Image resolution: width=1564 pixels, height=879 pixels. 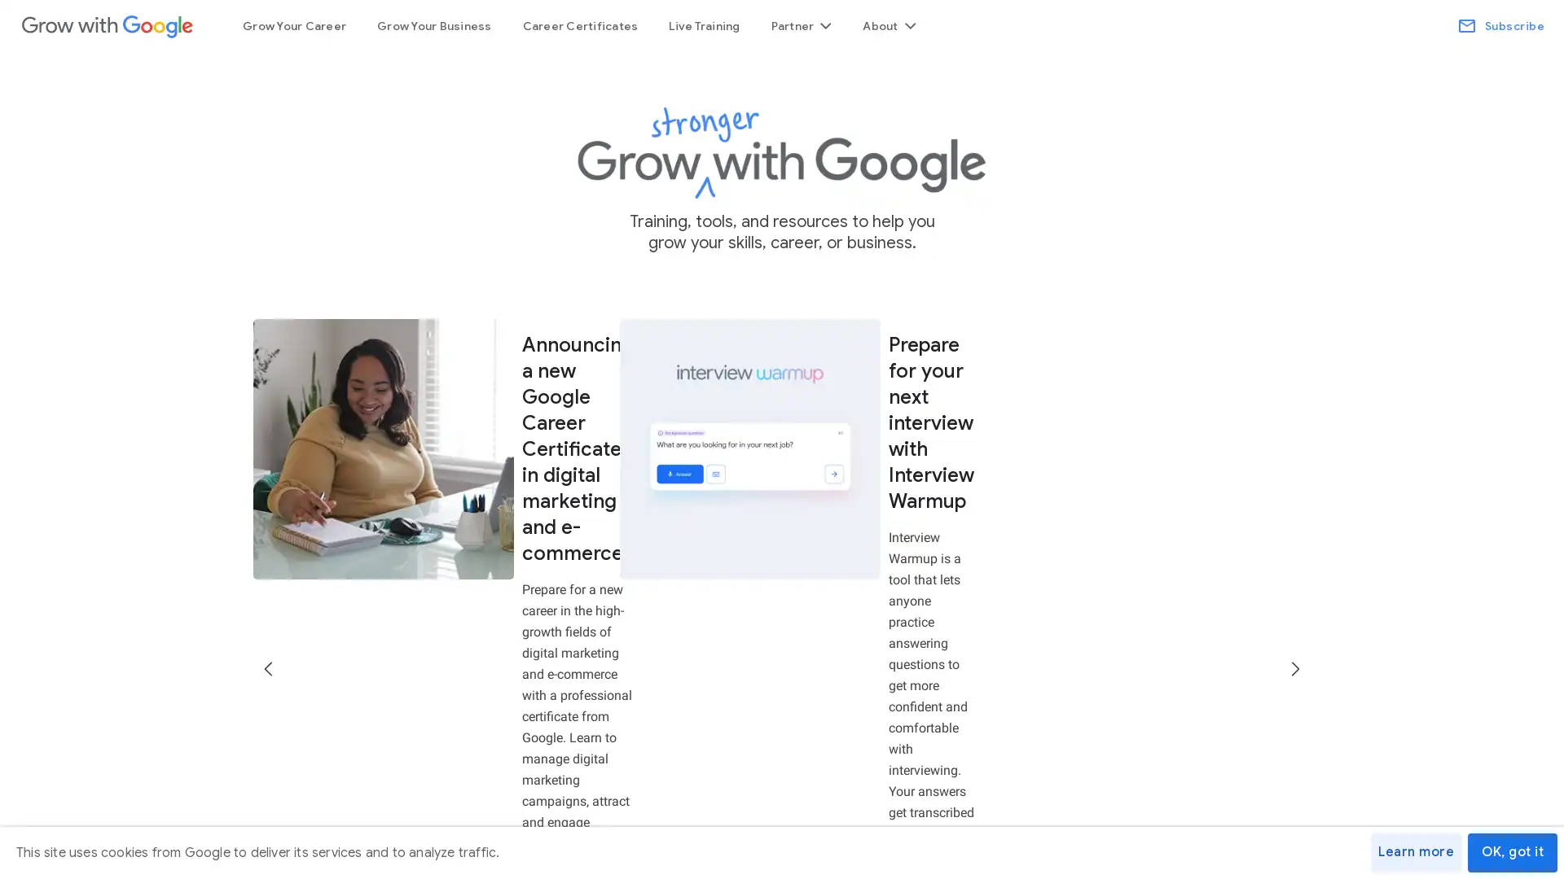 I want to click on Previous, so click(x=270, y=488).